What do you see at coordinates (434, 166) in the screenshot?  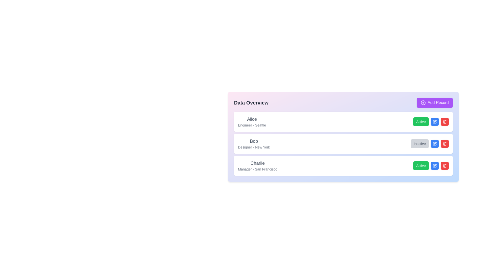 I see `the edit button located between the green 'Active' button and the red delete button, which is the second button in a row of three, to initiate an edit action` at bounding box center [434, 166].